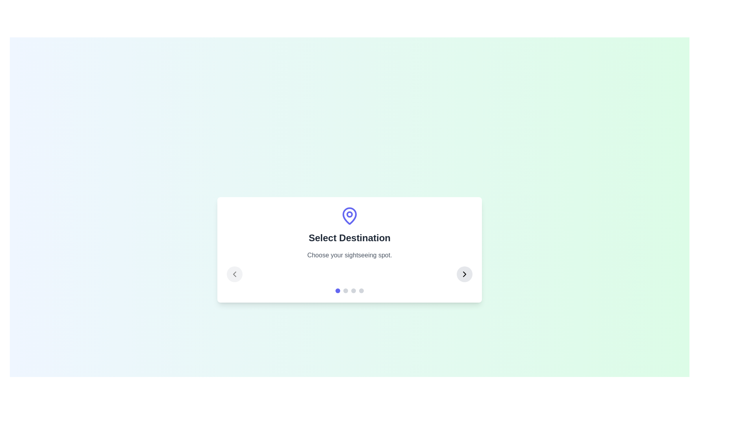 Image resolution: width=756 pixels, height=425 pixels. I want to click on the step icon to highlight it, so click(349, 216).